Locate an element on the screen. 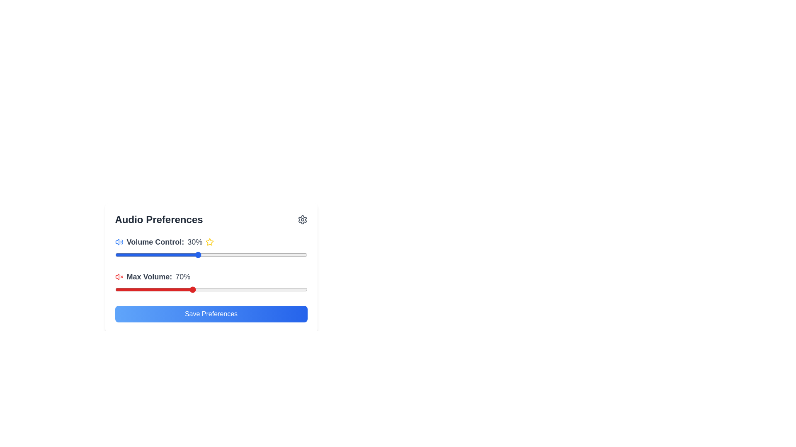 This screenshot has width=796, height=447. max volume is located at coordinates (284, 289).